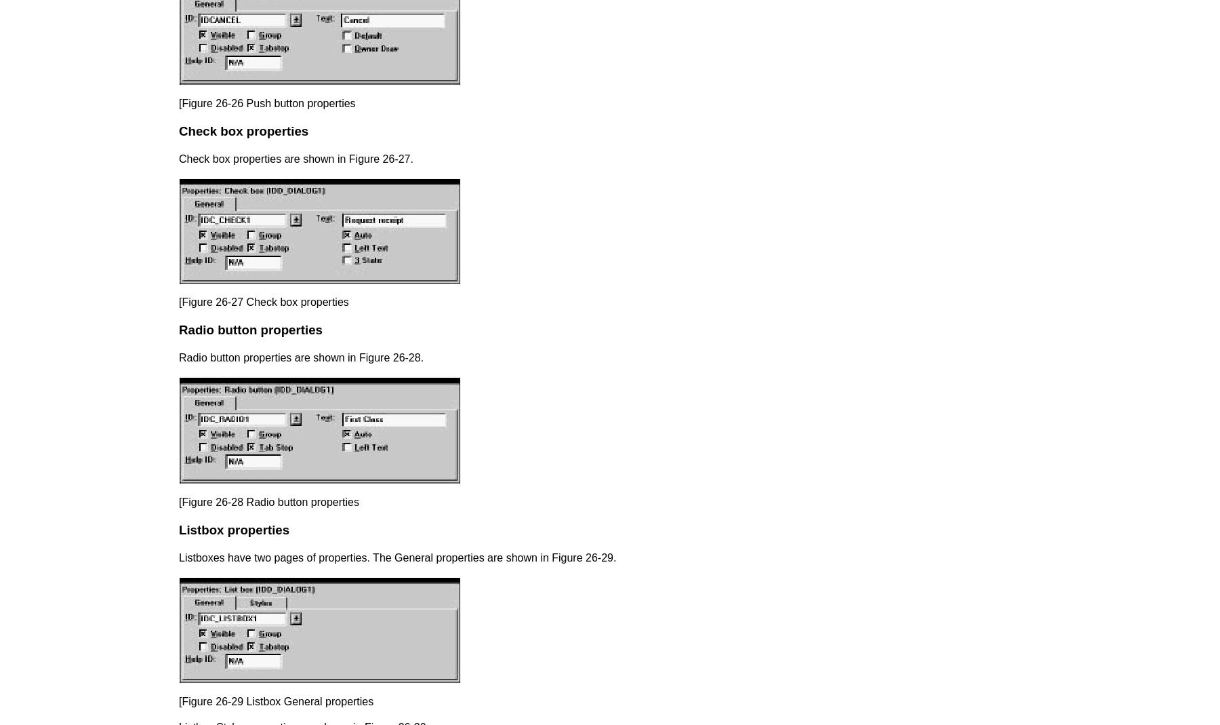  Describe the element at coordinates (243, 131) in the screenshot. I see `'Check box properties'` at that location.